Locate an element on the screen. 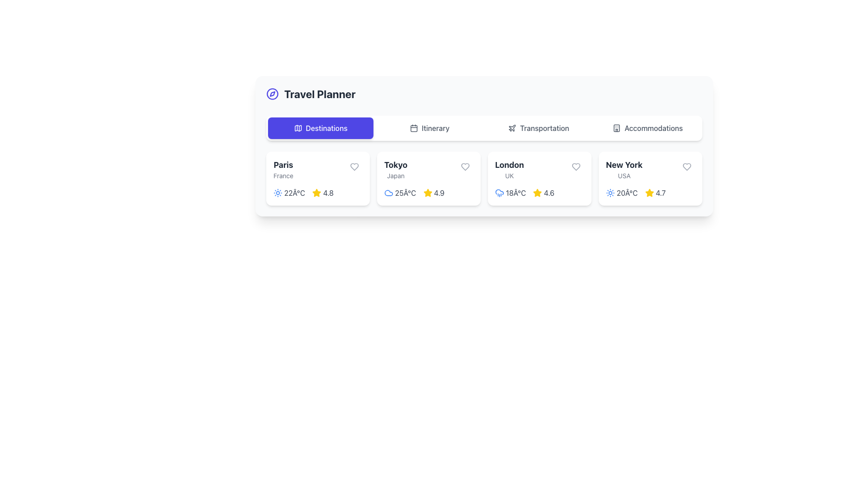  the circular blue sun icon located within the Paris card, positioned to the left of the temperature label ('22°C') is located at coordinates (278, 192).